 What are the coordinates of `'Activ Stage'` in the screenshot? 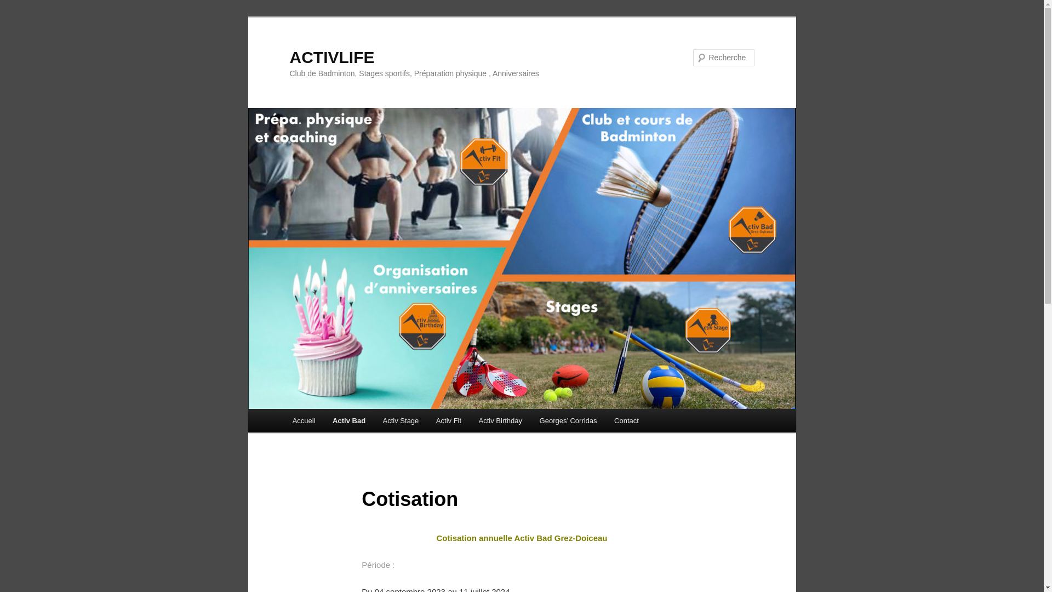 It's located at (400, 420).